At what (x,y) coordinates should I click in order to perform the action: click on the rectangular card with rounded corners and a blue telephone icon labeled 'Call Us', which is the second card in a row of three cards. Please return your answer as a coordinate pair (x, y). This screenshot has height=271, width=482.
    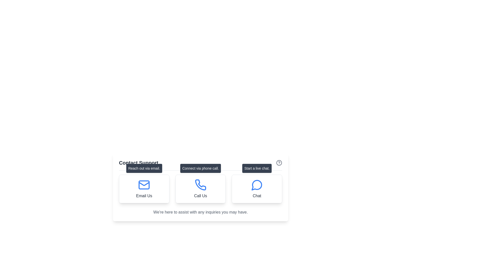
    Looking at the image, I should click on (200, 189).